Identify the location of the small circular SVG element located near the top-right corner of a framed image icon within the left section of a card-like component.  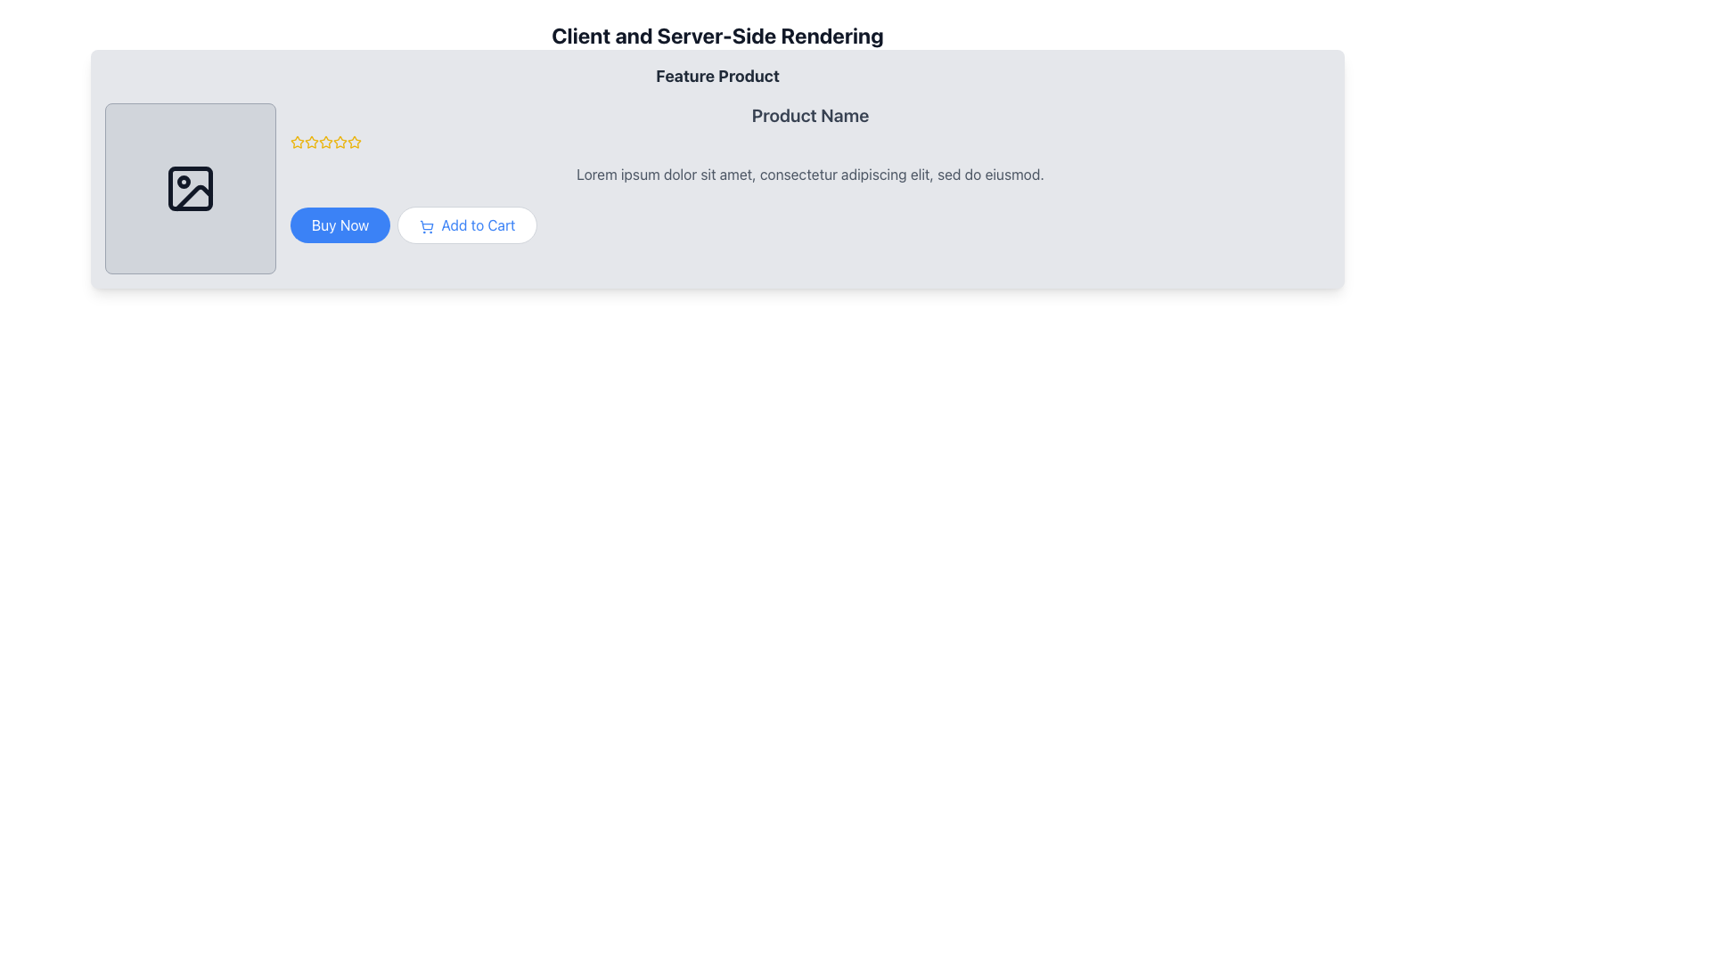
(184, 182).